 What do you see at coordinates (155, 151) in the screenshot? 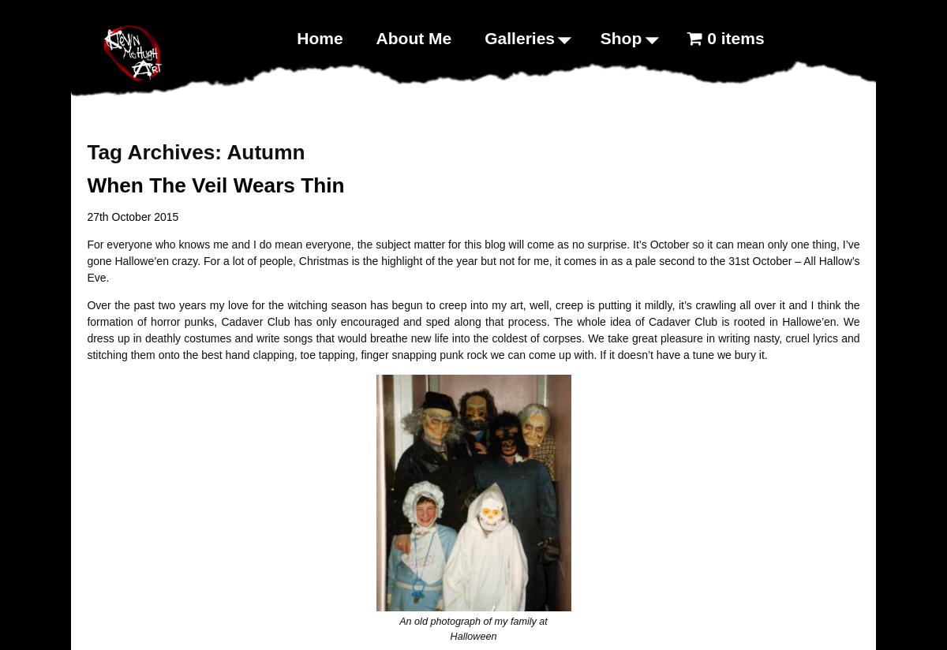
I see `'Tag Archives:'` at bounding box center [155, 151].